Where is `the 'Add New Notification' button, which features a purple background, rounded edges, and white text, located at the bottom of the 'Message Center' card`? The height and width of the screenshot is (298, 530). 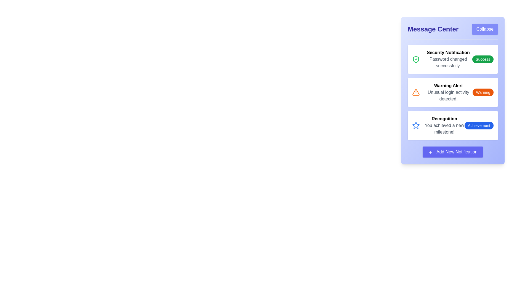
the 'Add New Notification' button, which features a purple background, rounded edges, and white text, located at the bottom of the 'Message Center' card is located at coordinates (453, 152).